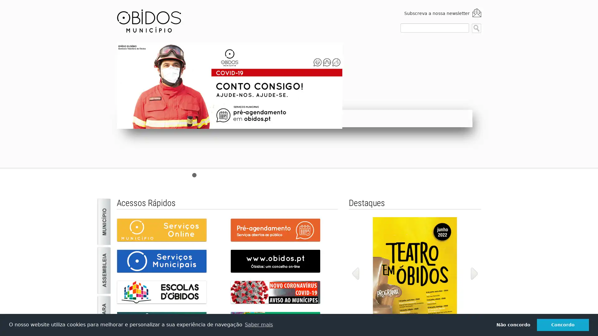  What do you see at coordinates (563, 324) in the screenshot?
I see `allow cookies` at bounding box center [563, 324].